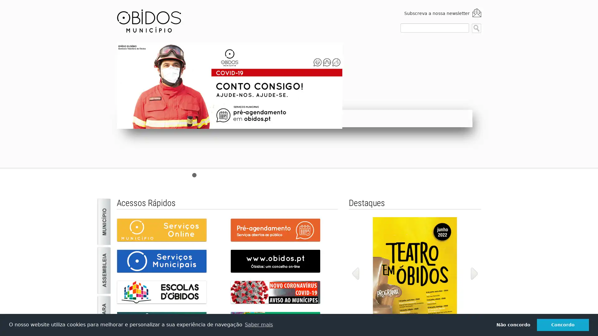  What do you see at coordinates (563, 324) in the screenshot?
I see `allow cookies` at bounding box center [563, 324].